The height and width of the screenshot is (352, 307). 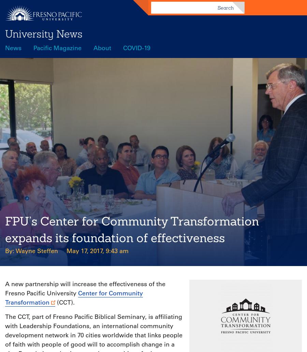 What do you see at coordinates (132, 229) in the screenshot?
I see `'FPU’s Center for Community Transformation expands its foundation of effectiveness'` at bounding box center [132, 229].